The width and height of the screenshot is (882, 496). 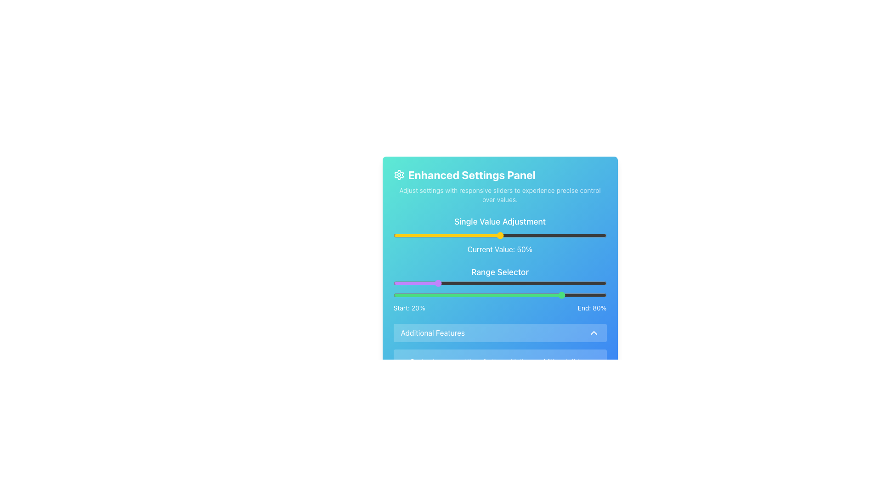 I want to click on the central interactive panel that contains sliders for adjusting settings, so click(x=499, y=270).